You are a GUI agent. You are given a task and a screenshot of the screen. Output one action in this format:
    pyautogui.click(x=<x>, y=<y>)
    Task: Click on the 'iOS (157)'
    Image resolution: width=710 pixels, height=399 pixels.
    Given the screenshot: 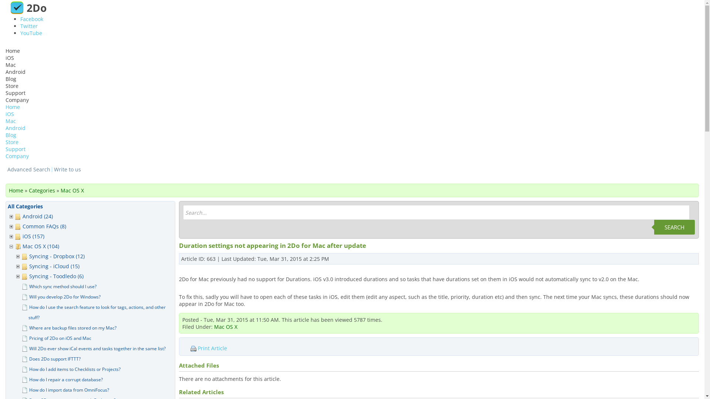 What is the action you would take?
    pyautogui.click(x=34, y=236)
    